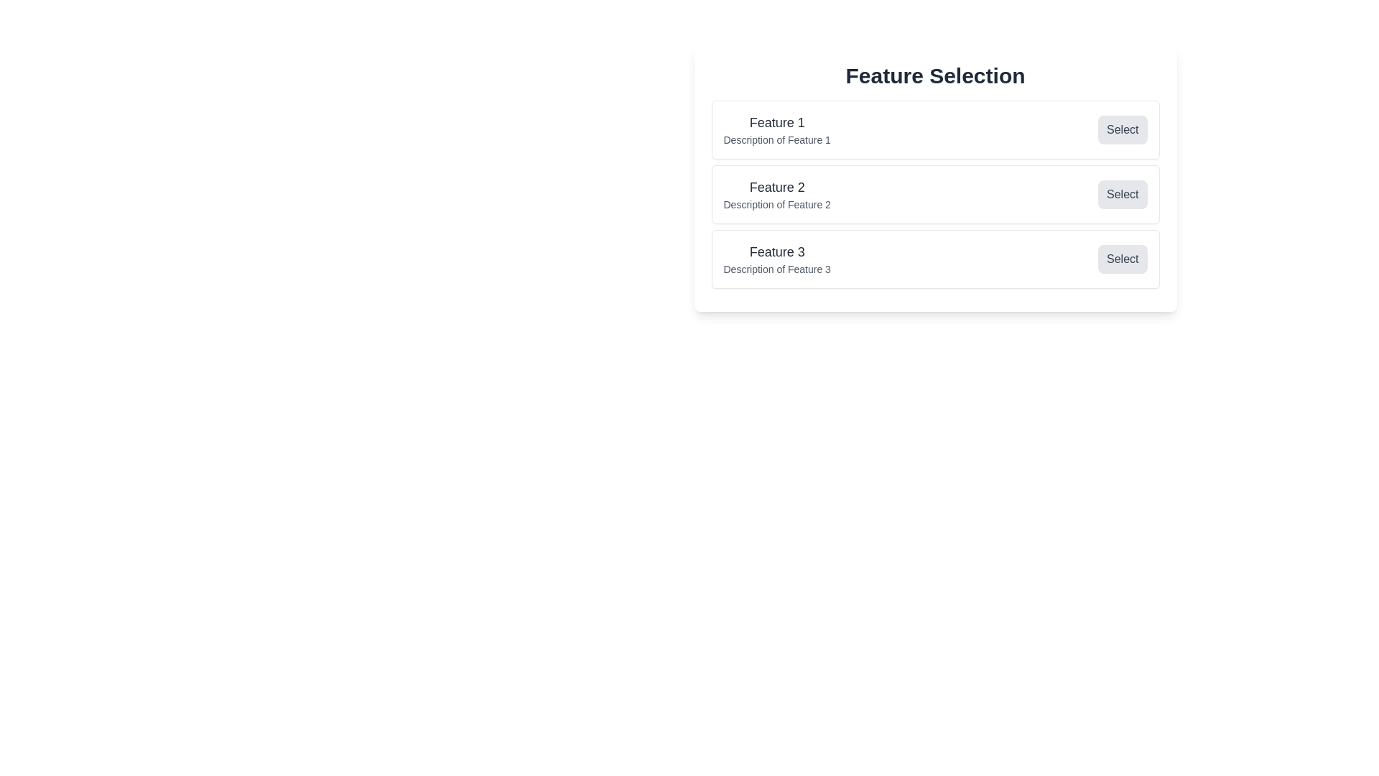  Describe the element at coordinates (1122, 259) in the screenshot. I see `the interactive button associated with 'Feature 3'` at that location.